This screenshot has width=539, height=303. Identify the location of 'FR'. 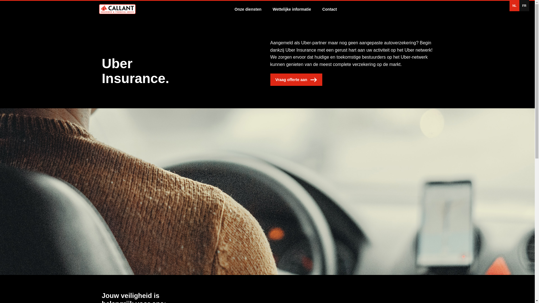
(524, 5).